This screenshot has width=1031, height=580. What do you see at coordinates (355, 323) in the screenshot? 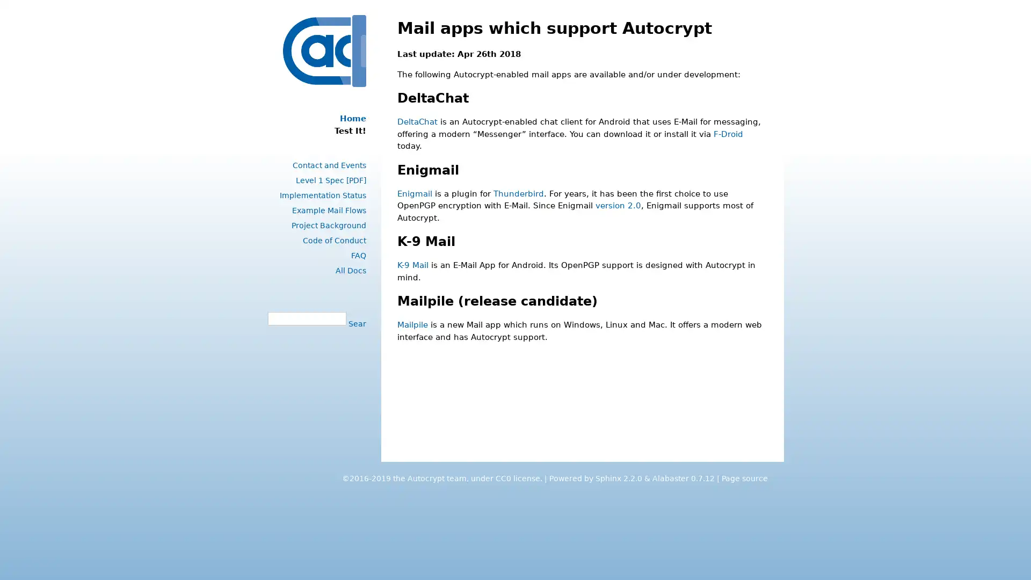
I see `Search` at bounding box center [355, 323].